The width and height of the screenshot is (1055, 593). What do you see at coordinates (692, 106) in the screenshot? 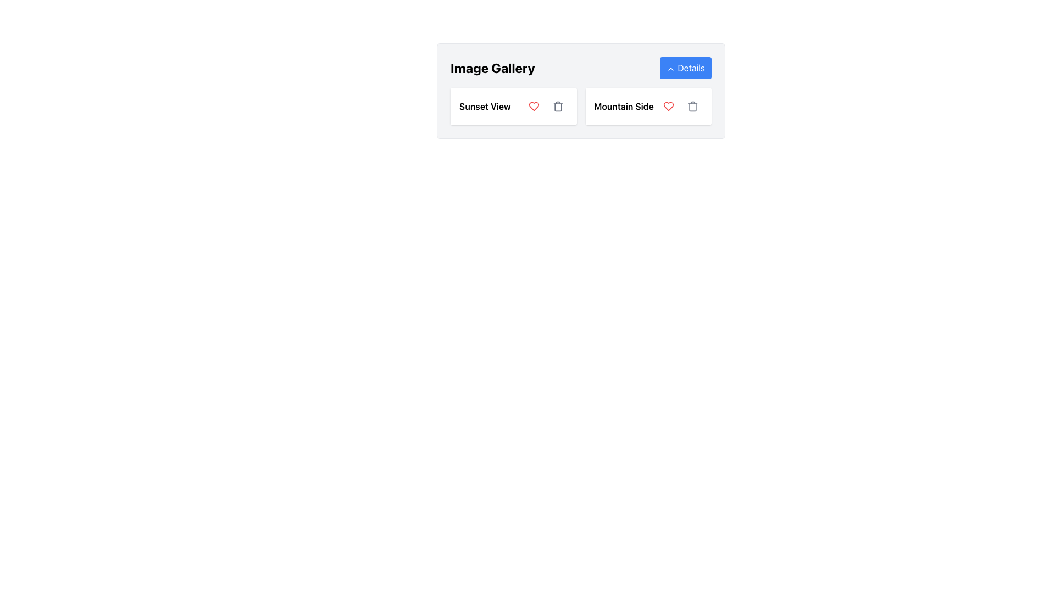
I see `the trash icon button located in the bottom-right corner of the 'Image Gallery' section, which is adjacent to the heart icon in the 'Mountain Side' segment` at bounding box center [692, 106].